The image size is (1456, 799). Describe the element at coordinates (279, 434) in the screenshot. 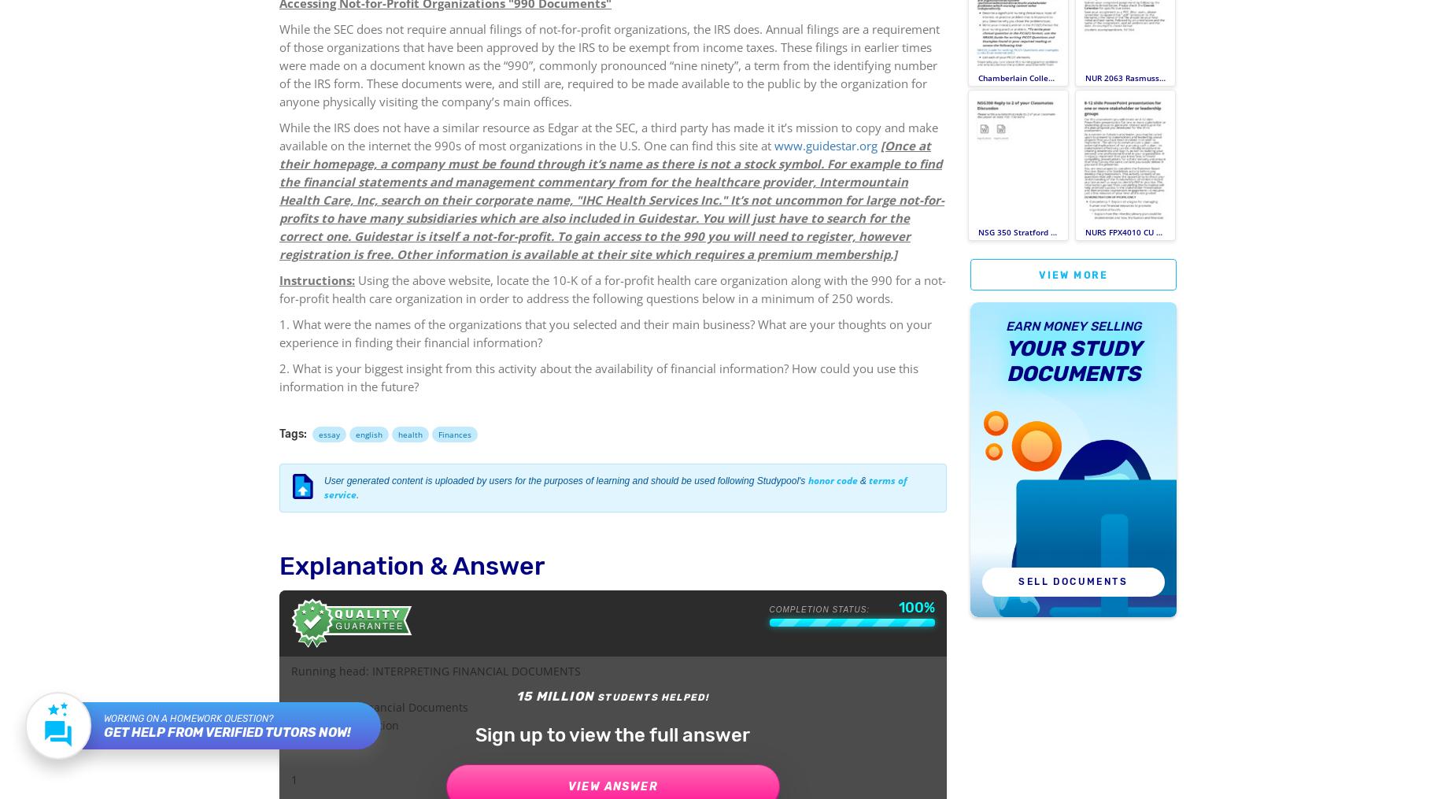

I see `'Tags:'` at that location.